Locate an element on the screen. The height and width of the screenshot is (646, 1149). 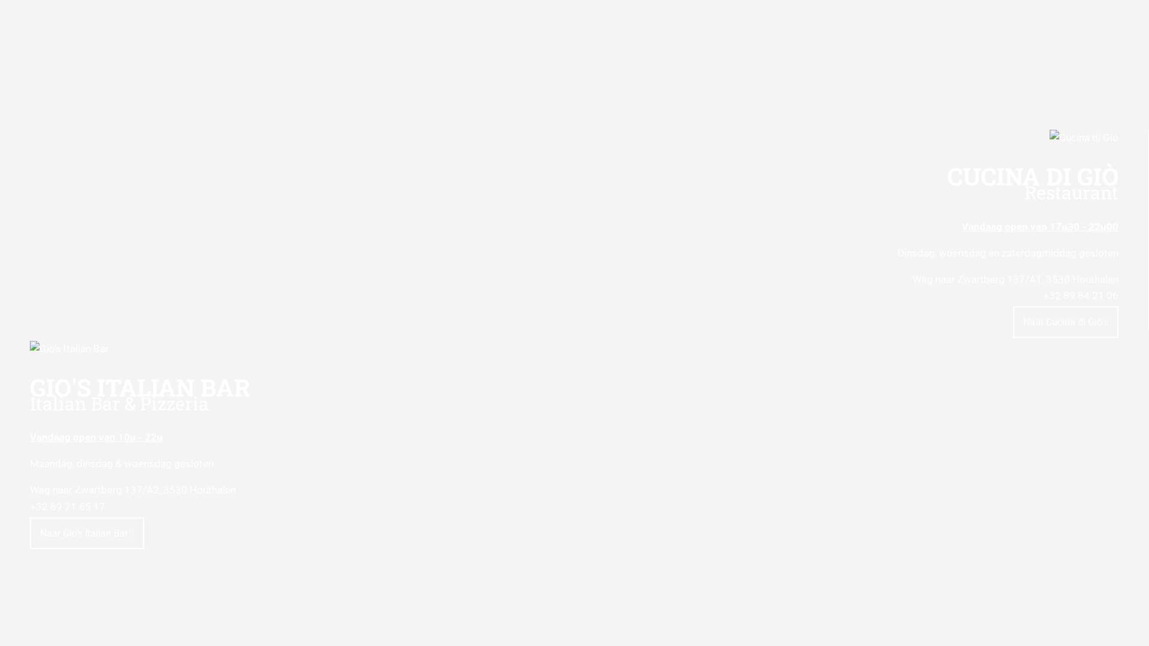
'Naar Gio's Italian Bar' is located at coordinates (86, 532).